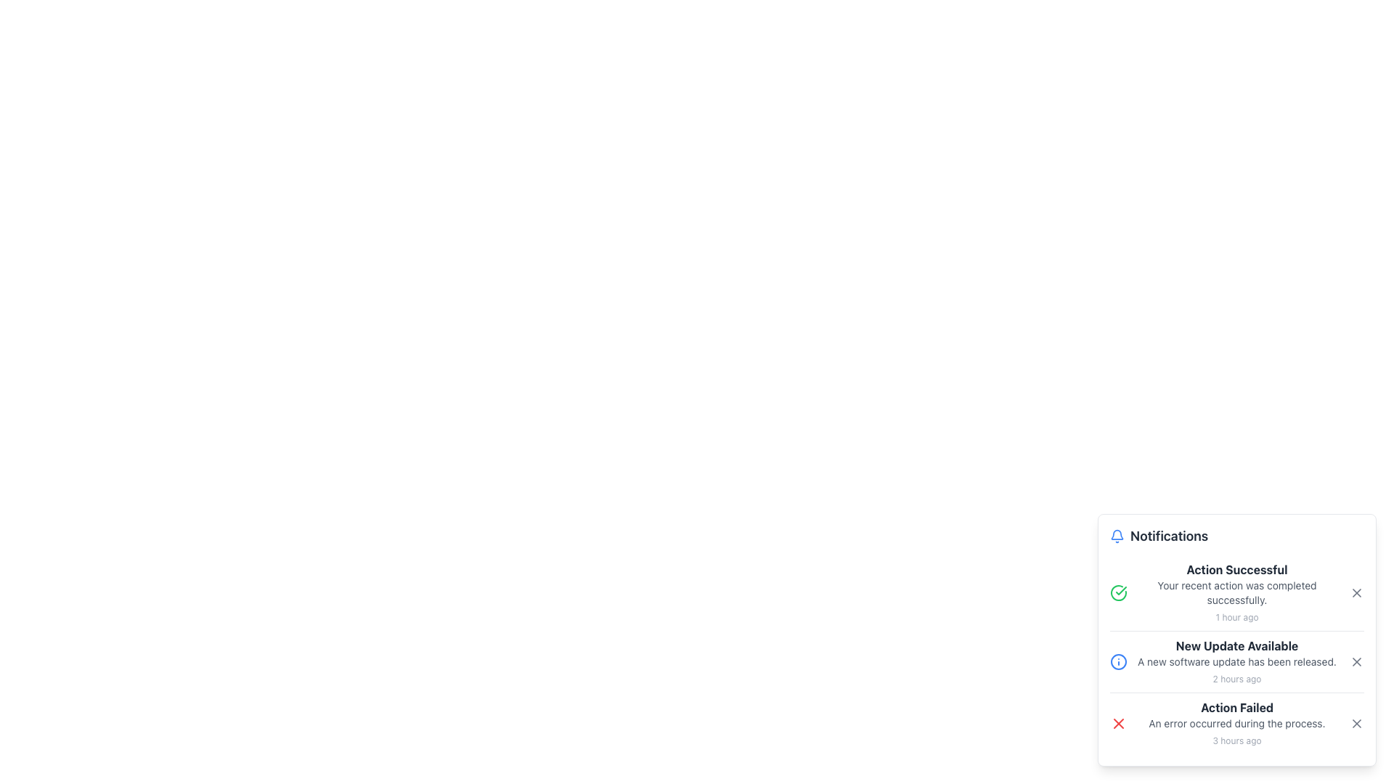 This screenshot has width=1394, height=784. Describe the element at coordinates (1117, 661) in the screenshot. I see `the icon indicating additional information for the 'New Update Available' notification, positioned to the left of the texts 'New Update Available' and 'A new software update has been released'` at that location.